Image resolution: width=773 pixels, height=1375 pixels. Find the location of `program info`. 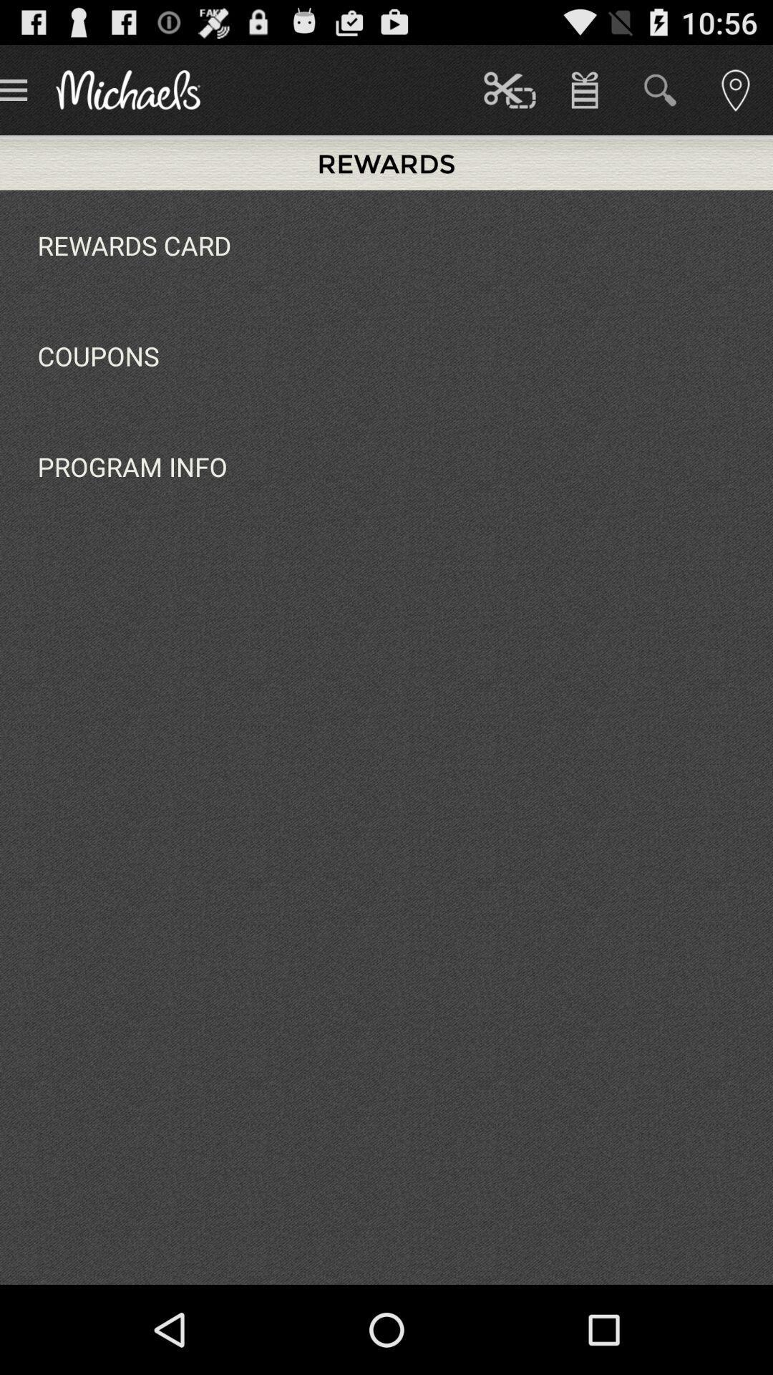

program info is located at coordinates (132, 466).